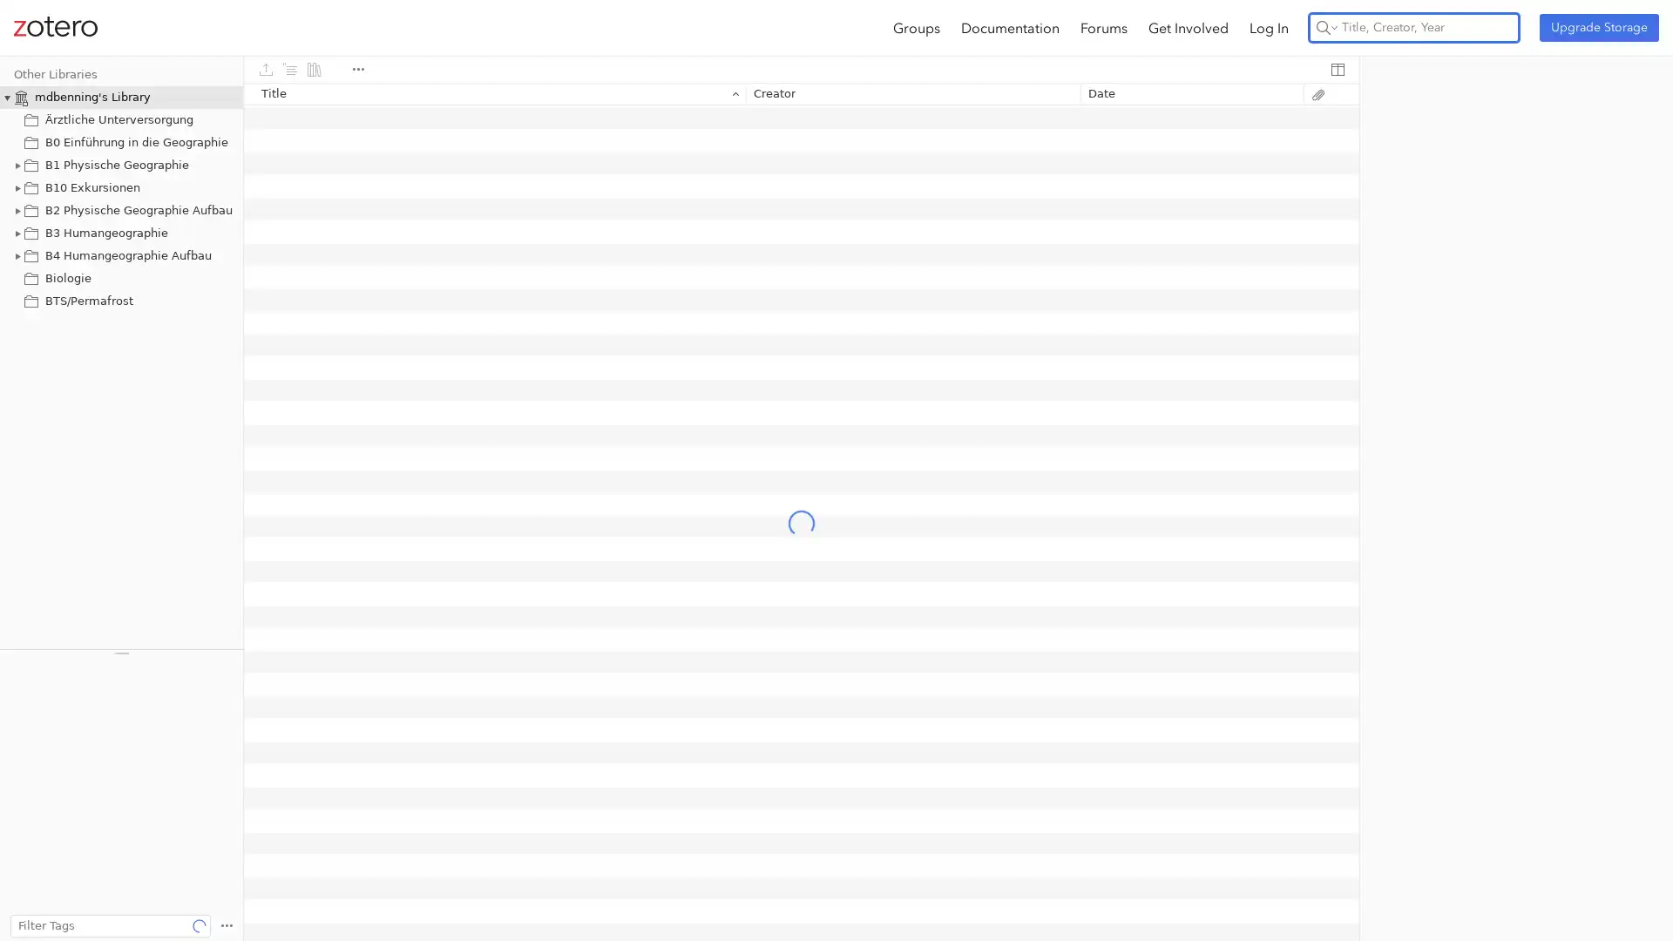  What do you see at coordinates (45, 738) in the screenshot?
I see `cartography` at bounding box center [45, 738].